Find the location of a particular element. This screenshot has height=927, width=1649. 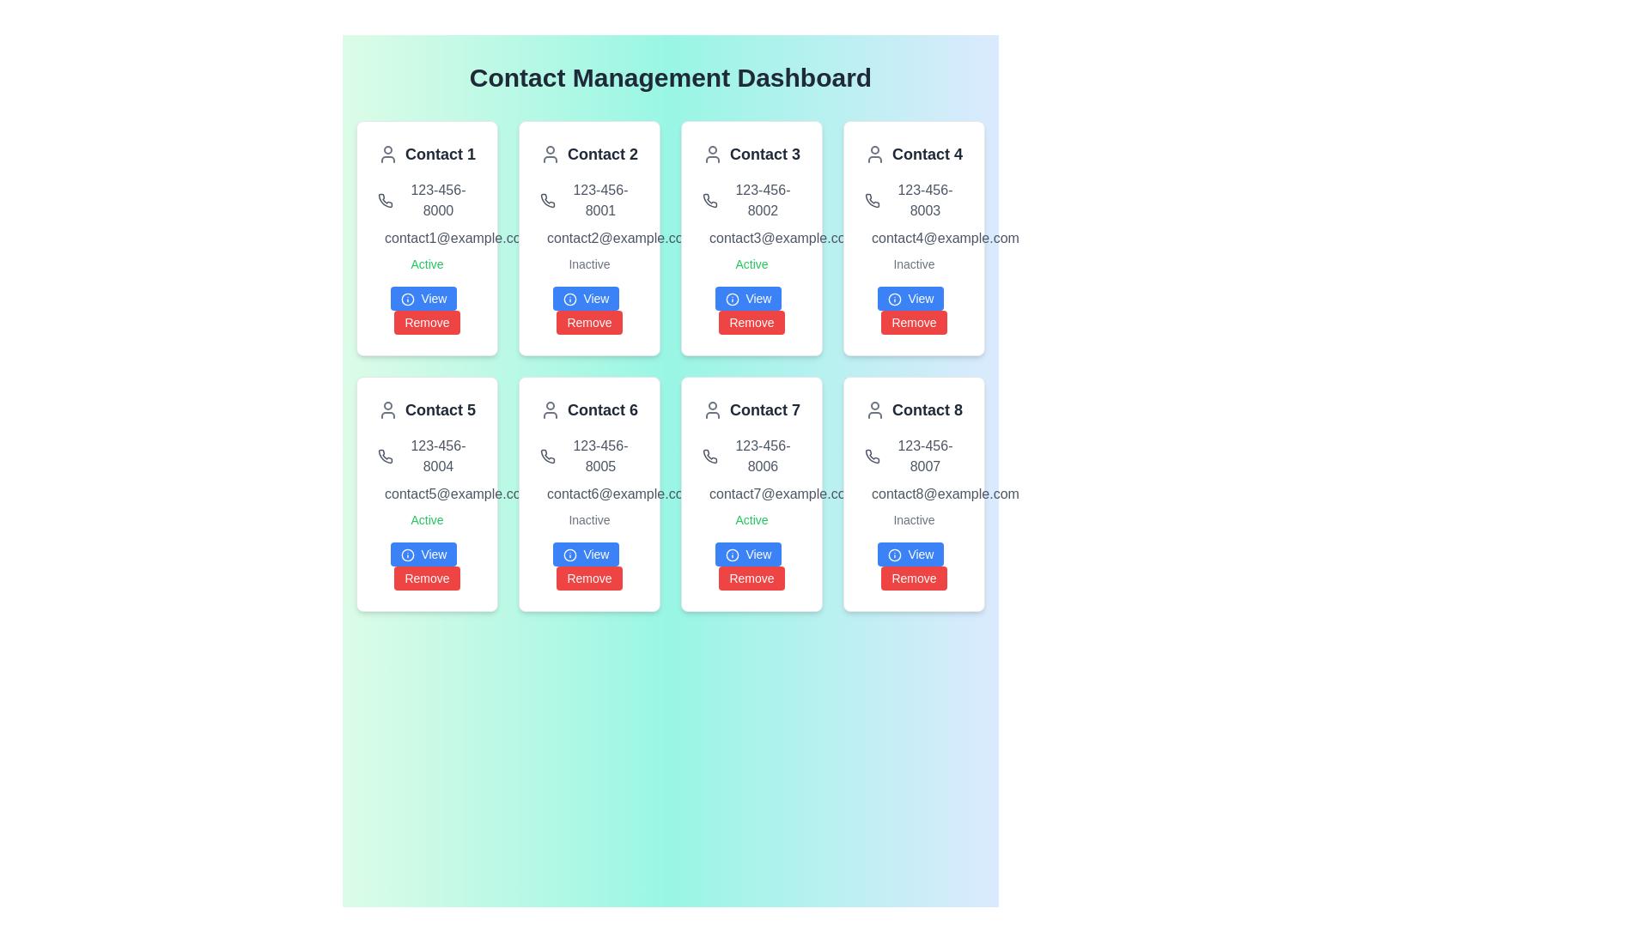

the telephone icon located in the second contact card of the top row in the grid layout, which indicates the presence of a phone number field is located at coordinates (547, 200).